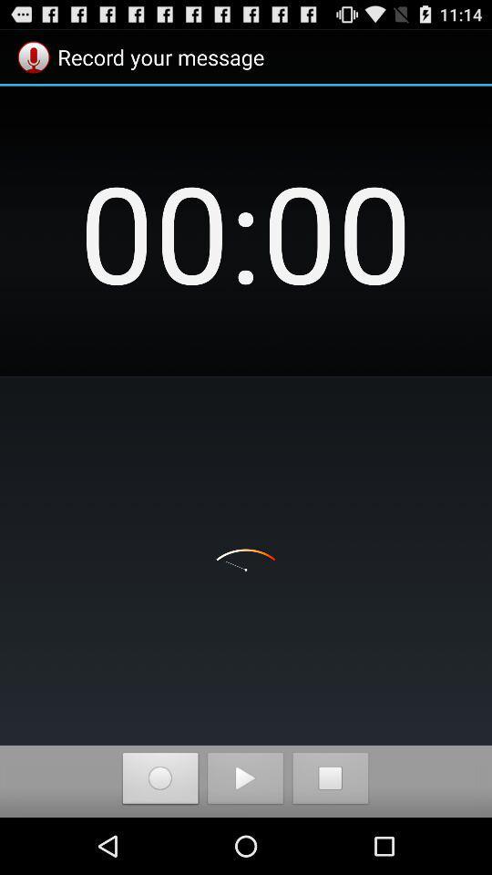  Describe the element at coordinates (245, 836) in the screenshot. I see `the play icon` at that location.